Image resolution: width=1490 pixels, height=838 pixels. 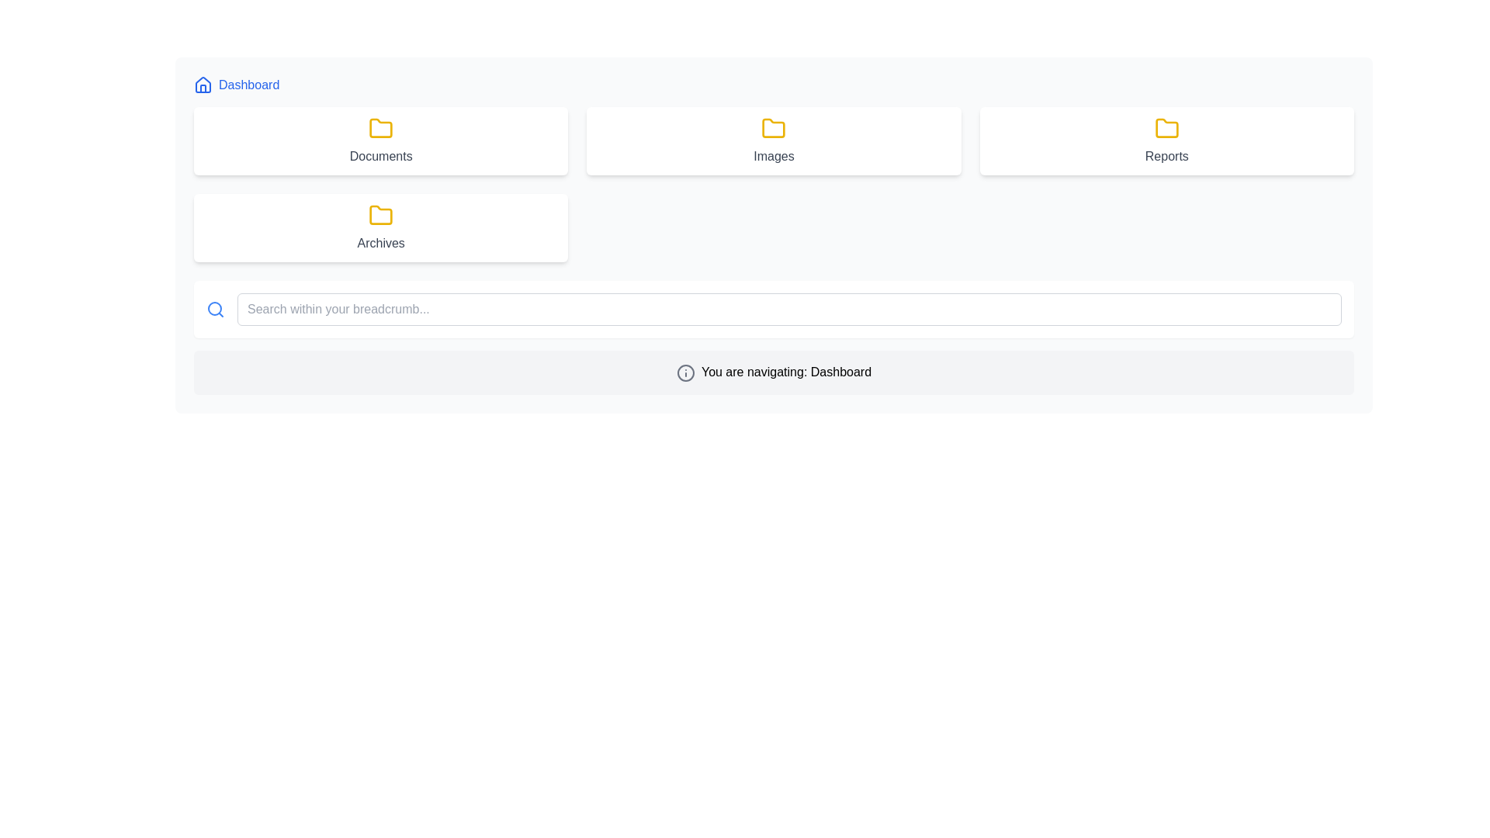 What do you see at coordinates (774, 156) in the screenshot?
I see `text content of the label indicating 'Images', located at the center of the third card from the left in the top row of the grid layout` at bounding box center [774, 156].